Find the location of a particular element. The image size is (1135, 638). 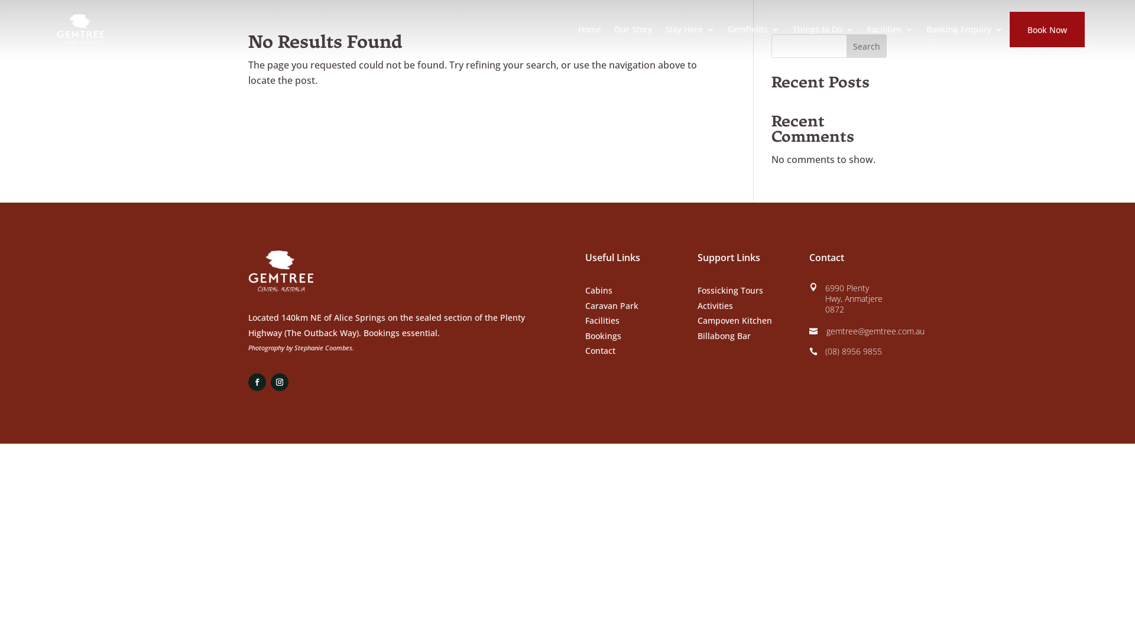

'Billabong Bar' is located at coordinates (723, 336).